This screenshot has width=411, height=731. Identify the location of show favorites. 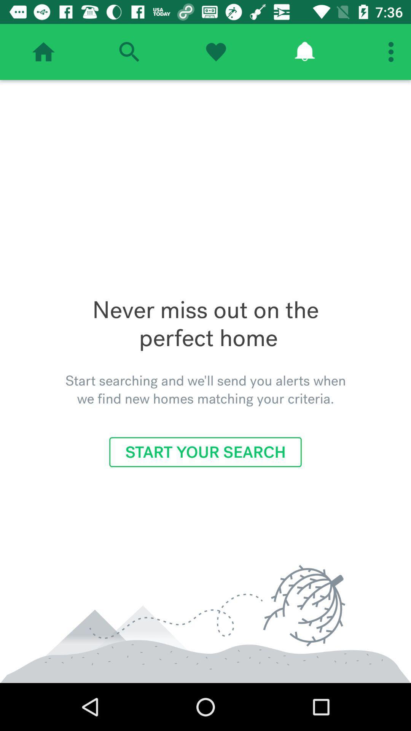
(216, 51).